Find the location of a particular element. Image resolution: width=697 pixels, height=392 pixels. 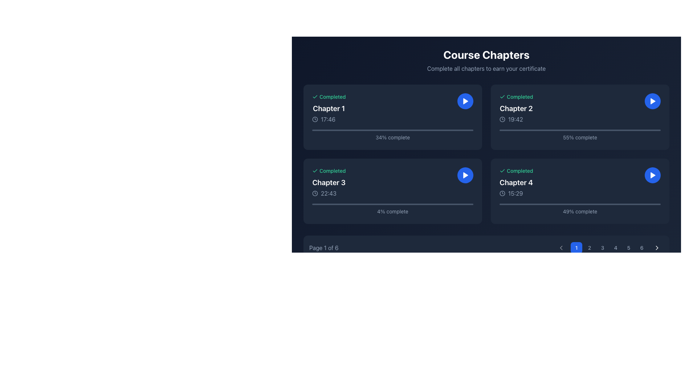

the Progress indicator displaying '34% complete' in the Chapter 1 section of the interface is located at coordinates (392, 135).